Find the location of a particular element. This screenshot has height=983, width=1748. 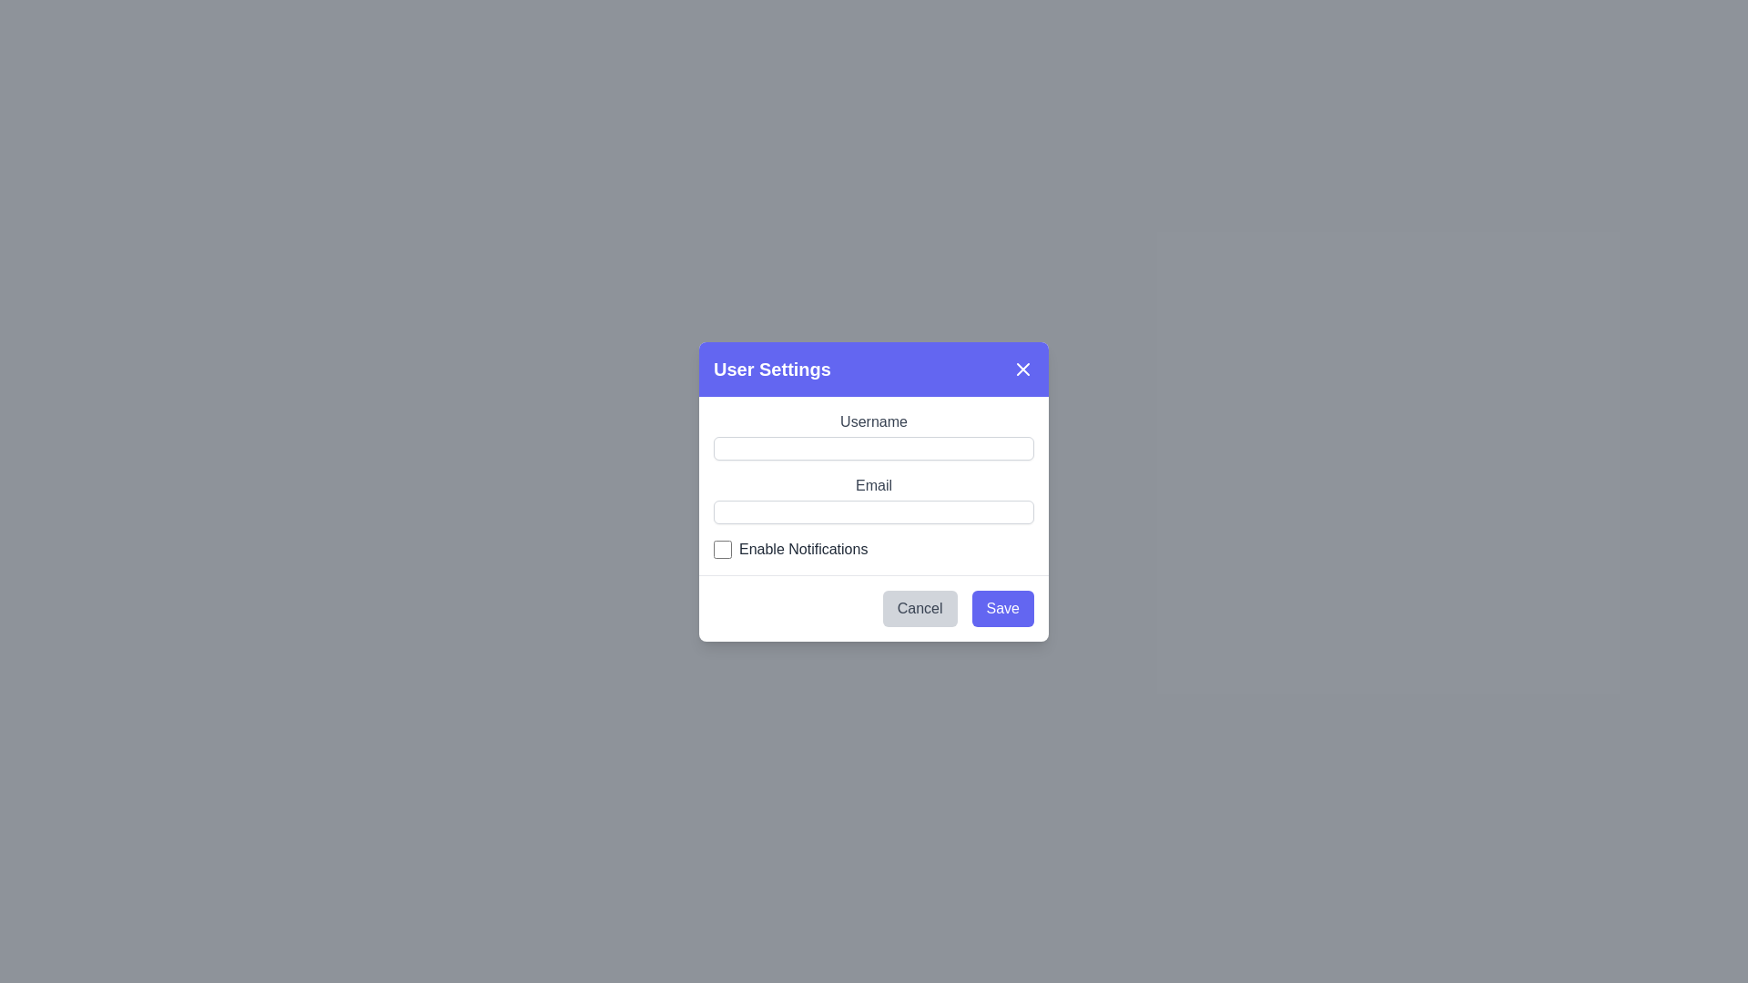

the 'Save' button located at the bottom of the modal dialog is located at coordinates (1001, 608).